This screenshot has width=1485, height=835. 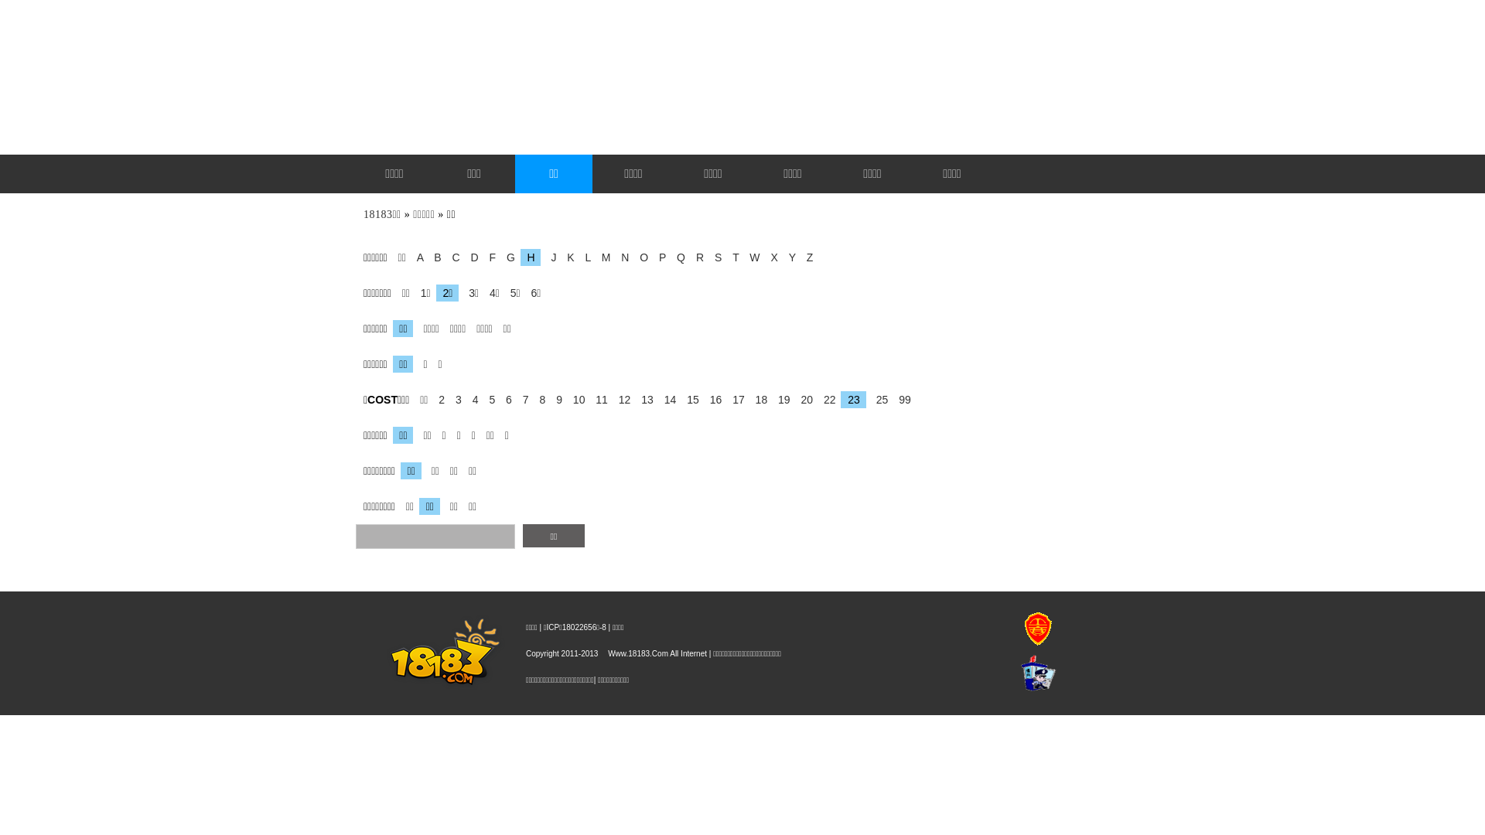 What do you see at coordinates (815, 398) in the screenshot?
I see `'22'` at bounding box center [815, 398].